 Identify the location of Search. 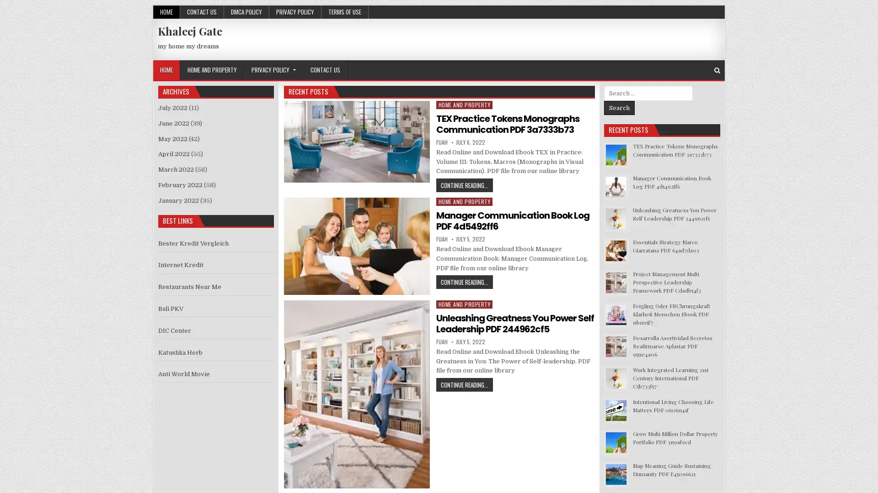
(619, 107).